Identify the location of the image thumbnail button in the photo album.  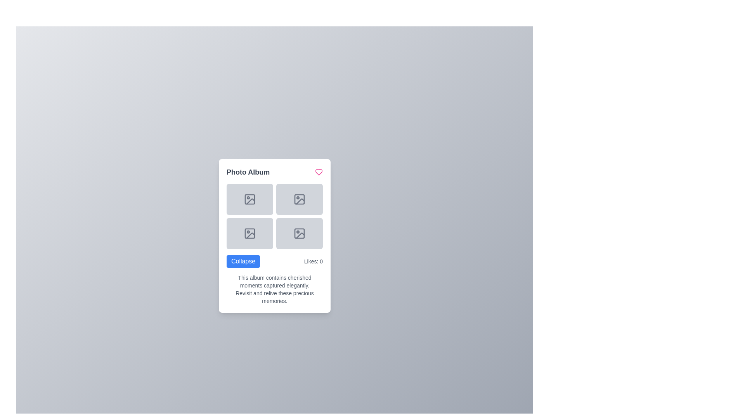
(249, 199).